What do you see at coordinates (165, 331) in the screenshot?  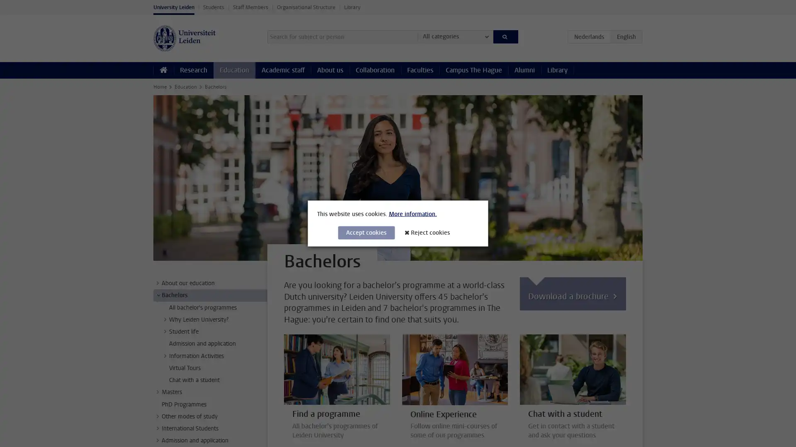 I see `>` at bounding box center [165, 331].